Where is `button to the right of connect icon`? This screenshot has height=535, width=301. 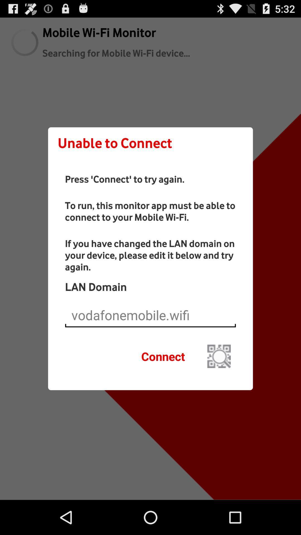
button to the right of connect icon is located at coordinates (219, 356).